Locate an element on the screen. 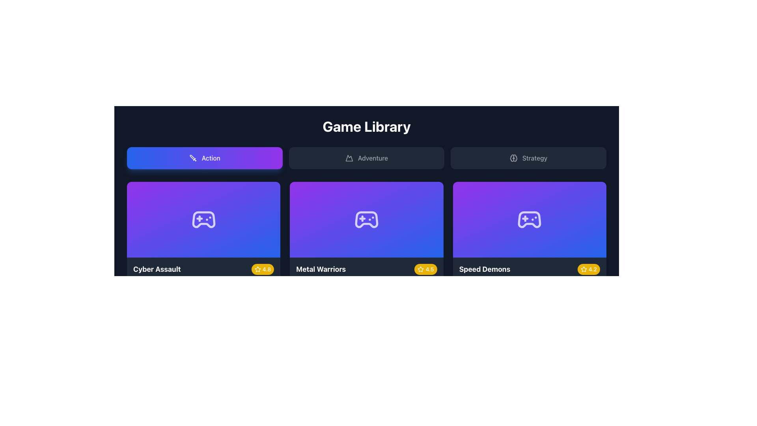 This screenshot has width=757, height=426. the decorative mountain icon representing the adventure category, located in the header of the second category tab labeled 'Adventure' is located at coordinates (349, 158).